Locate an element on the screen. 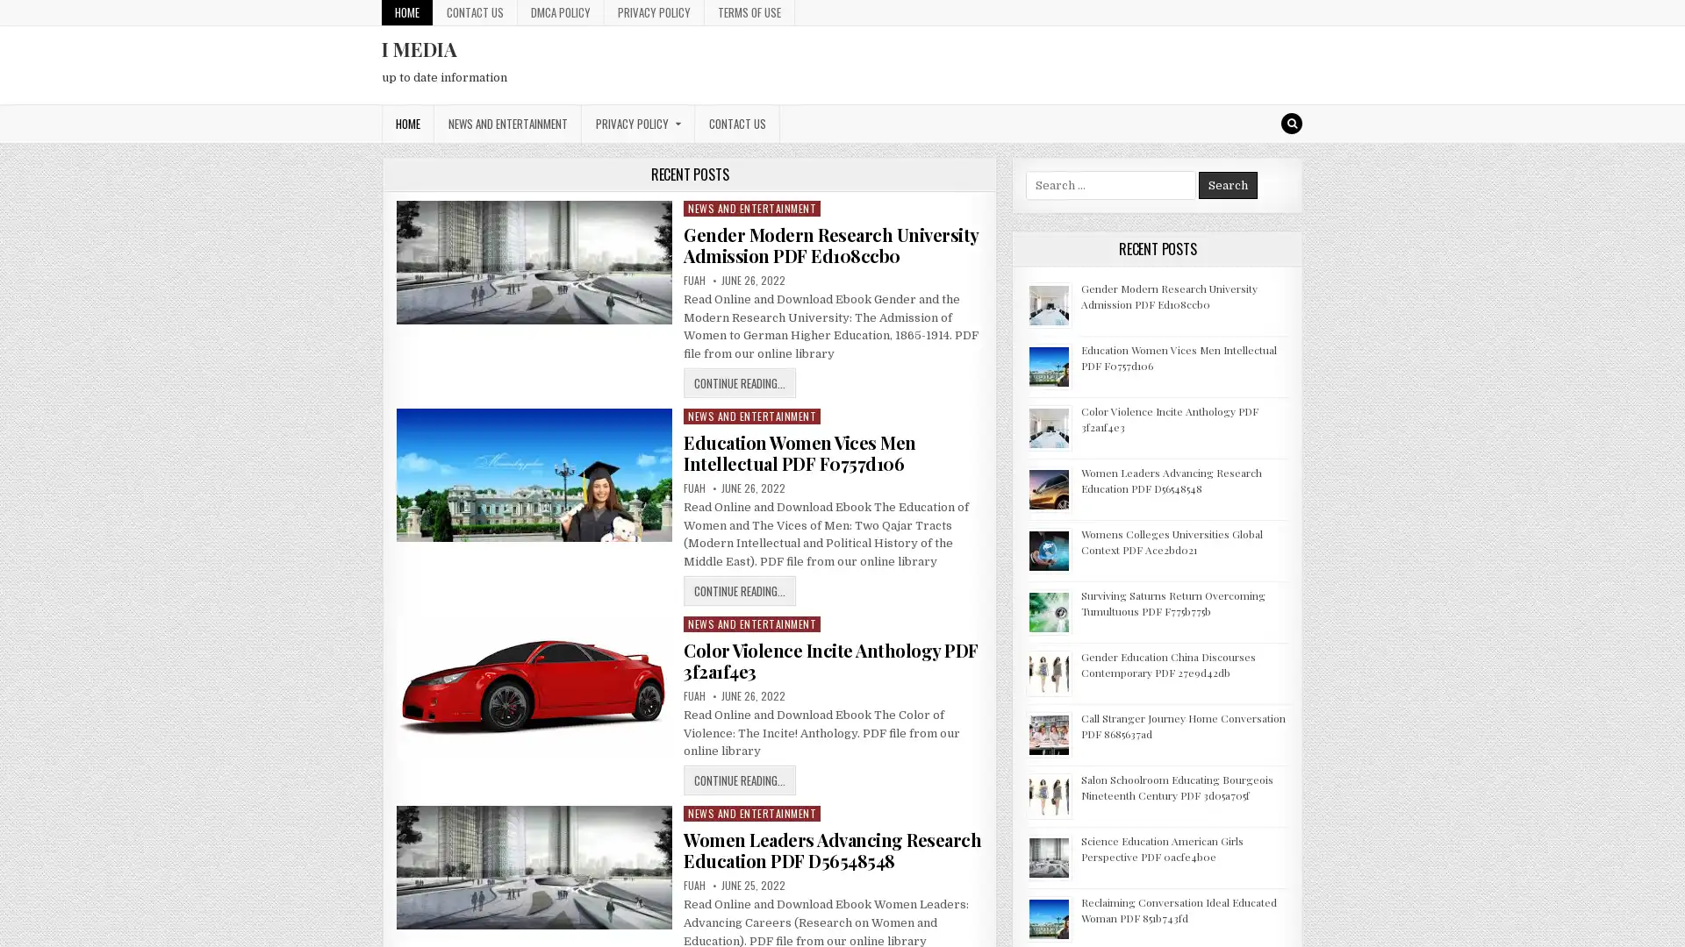  Search is located at coordinates (1227, 185).